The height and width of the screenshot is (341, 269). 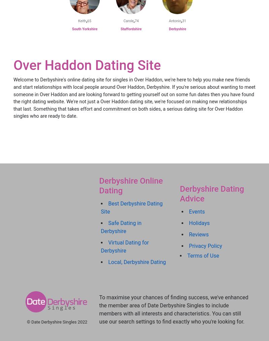 What do you see at coordinates (189, 223) in the screenshot?
I see `'Holidays'` at bounding box center [189, 223].